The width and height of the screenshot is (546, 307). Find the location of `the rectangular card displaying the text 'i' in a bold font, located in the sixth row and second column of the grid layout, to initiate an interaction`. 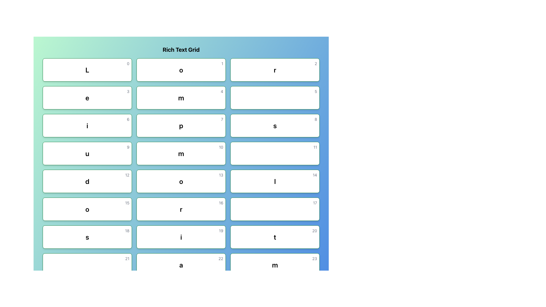

the rectangular card displaying the text 'i' in a bold font, located in the sixth row and second column of the grid layout, to initiate an interaction is located at coordinates (181, 237).